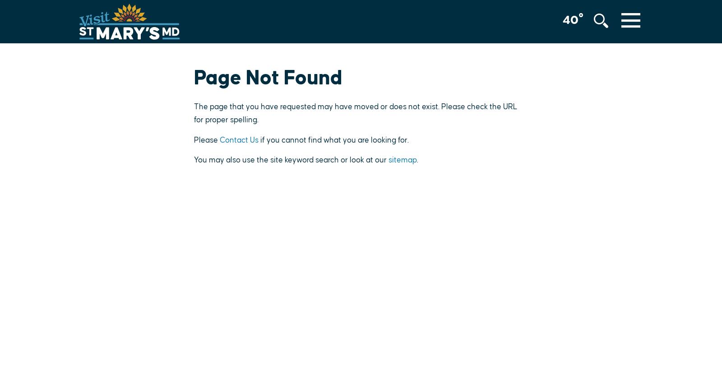  I want to click on 'if you cannot find what you are looking for.', so click(333, 139).